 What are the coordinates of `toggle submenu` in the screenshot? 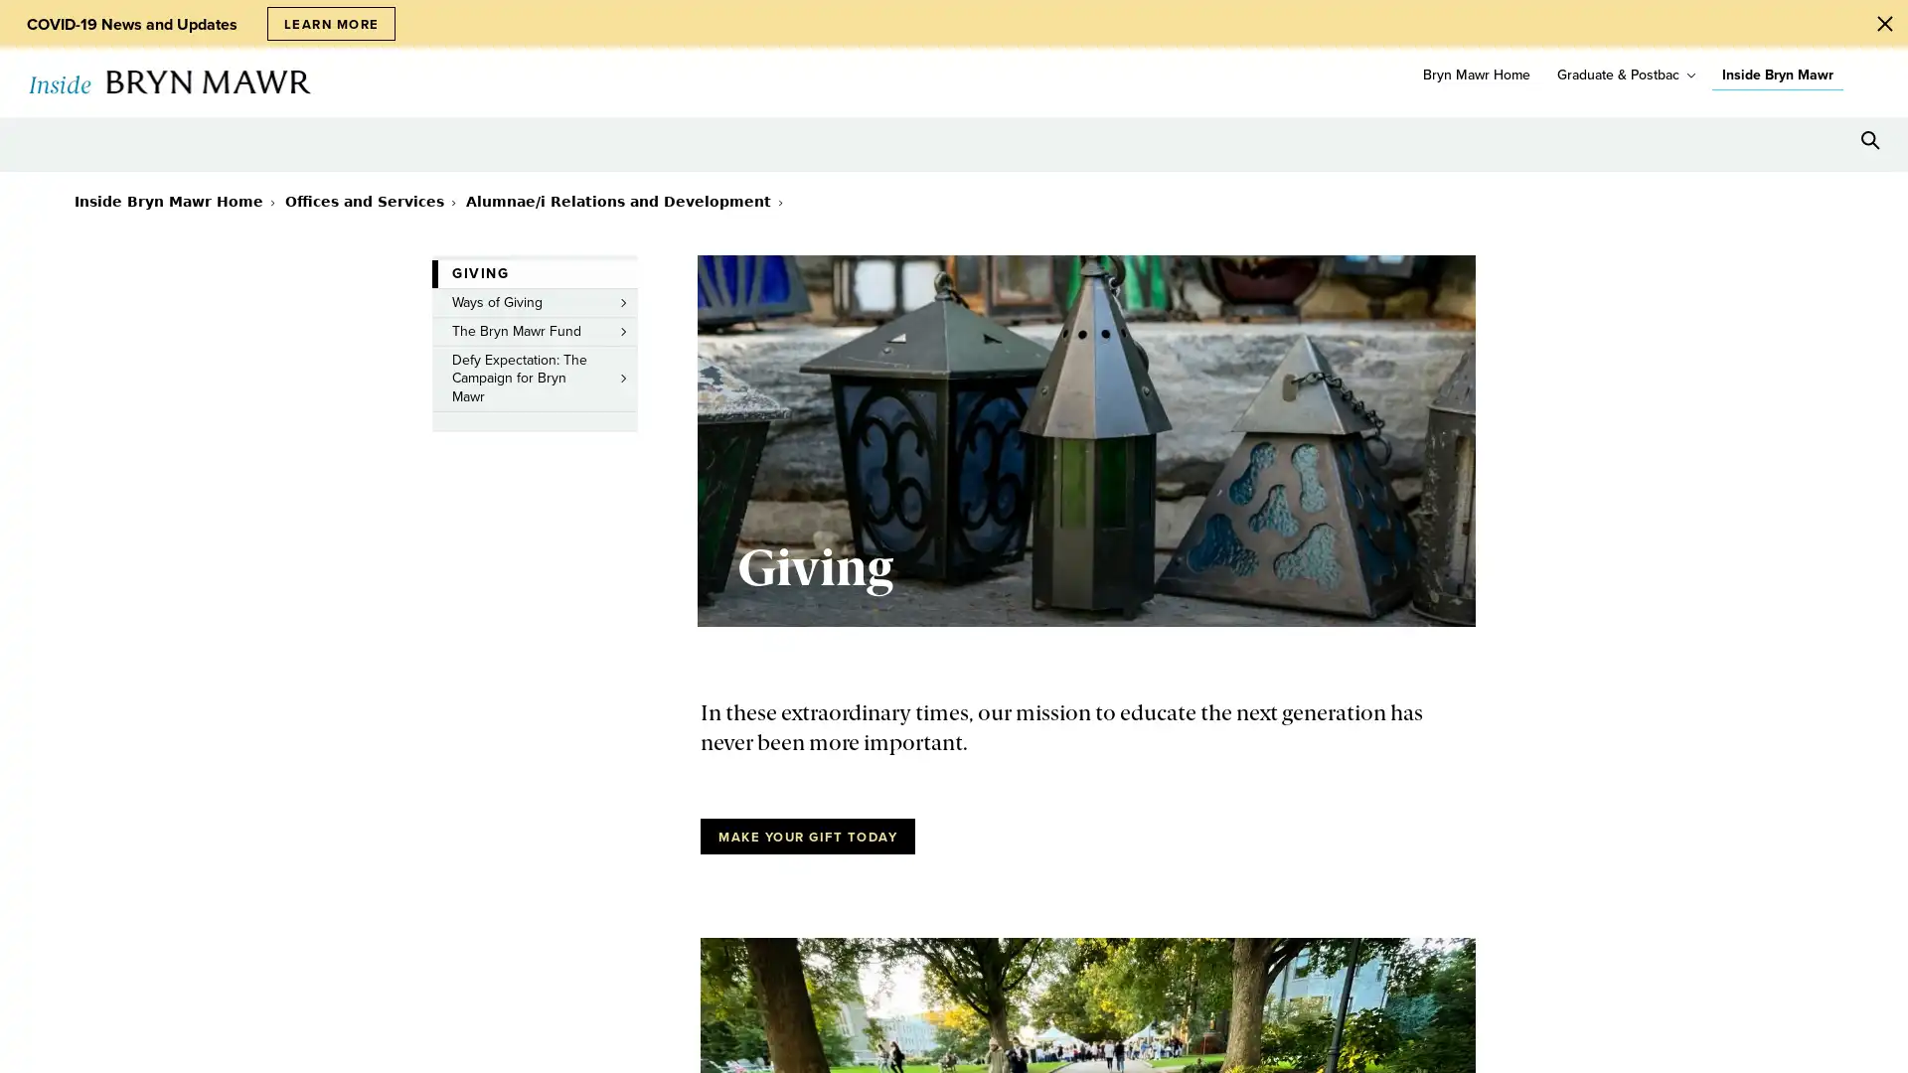 It's located at (229, 129).